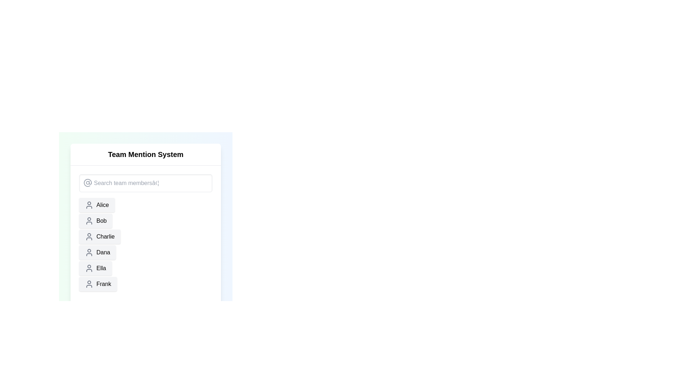 The width and height of the screenshot is (691, 388). Describe the element at coordinates (89, 237) in the screenshot. I see `the user icon representing 'Charlie', located to the left of the text label in the user list, positioned third from the top` at that location.